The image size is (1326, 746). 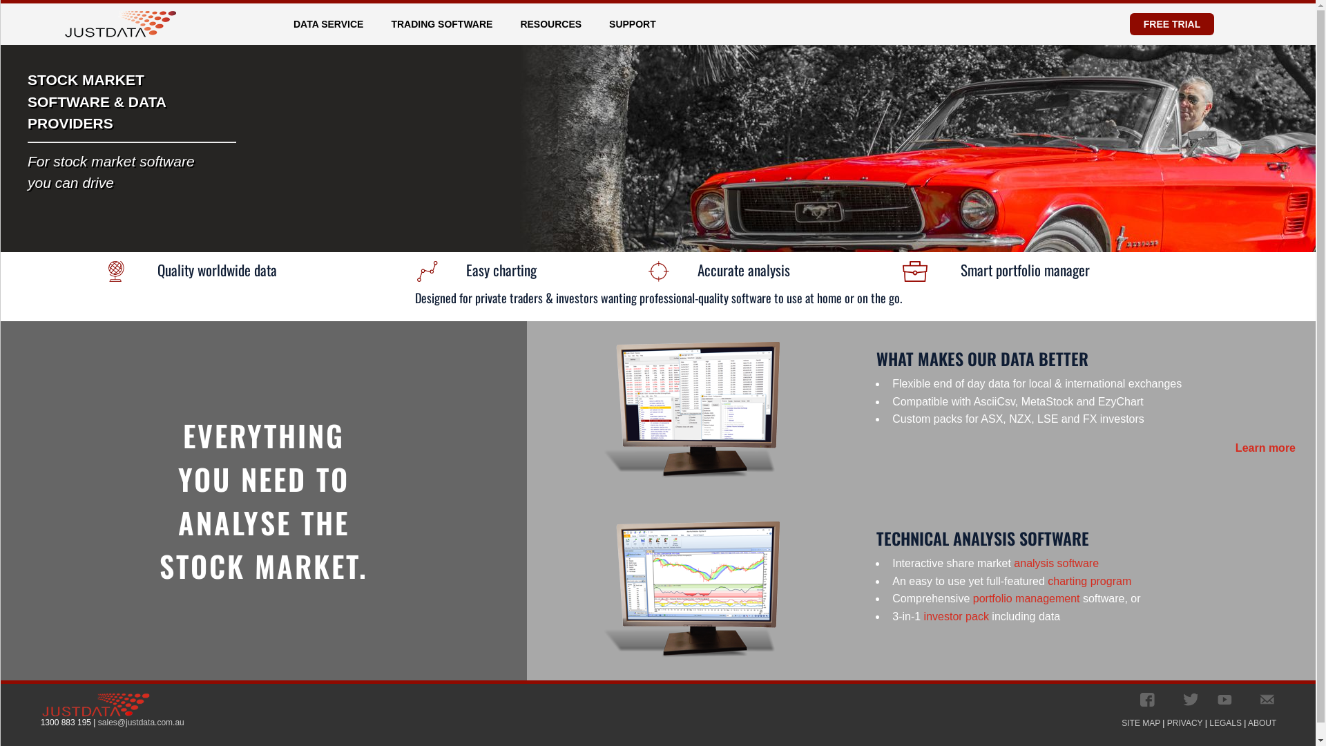 I want to click on 'RESOURCES', so click(x=512, y=23).